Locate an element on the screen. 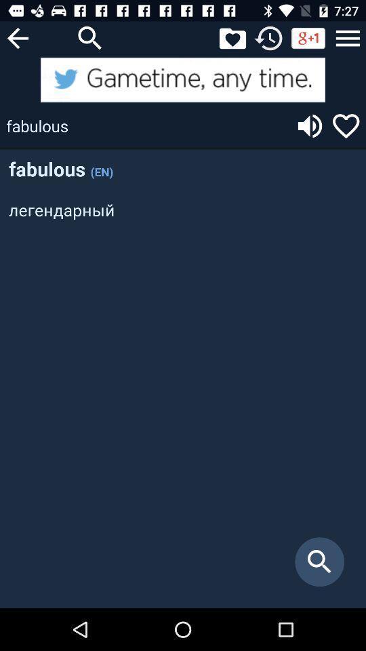  the favorite icon is located at coordinates (232, 37).